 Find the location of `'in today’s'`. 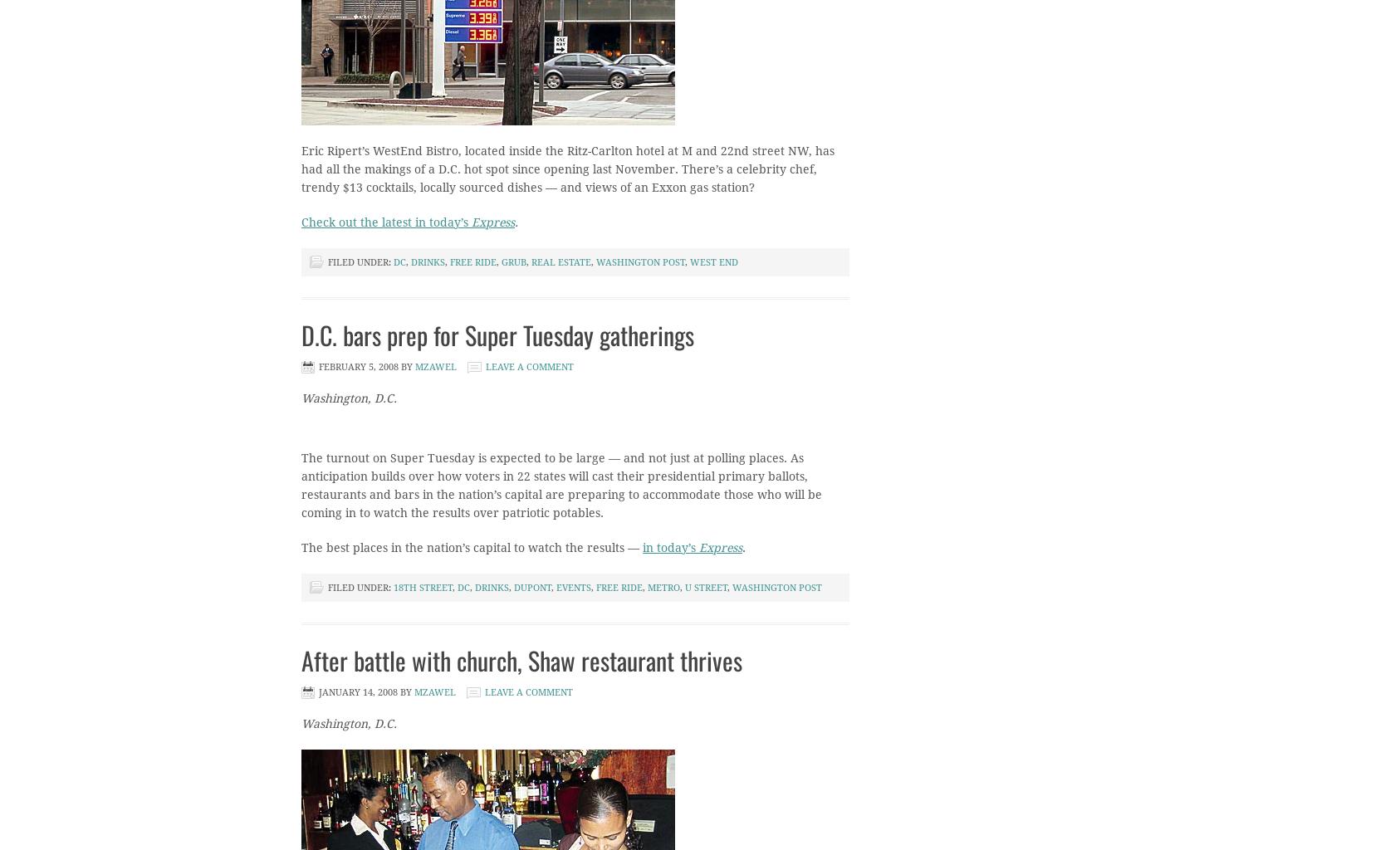

'in today’s' is located at coordinates (670, 546).